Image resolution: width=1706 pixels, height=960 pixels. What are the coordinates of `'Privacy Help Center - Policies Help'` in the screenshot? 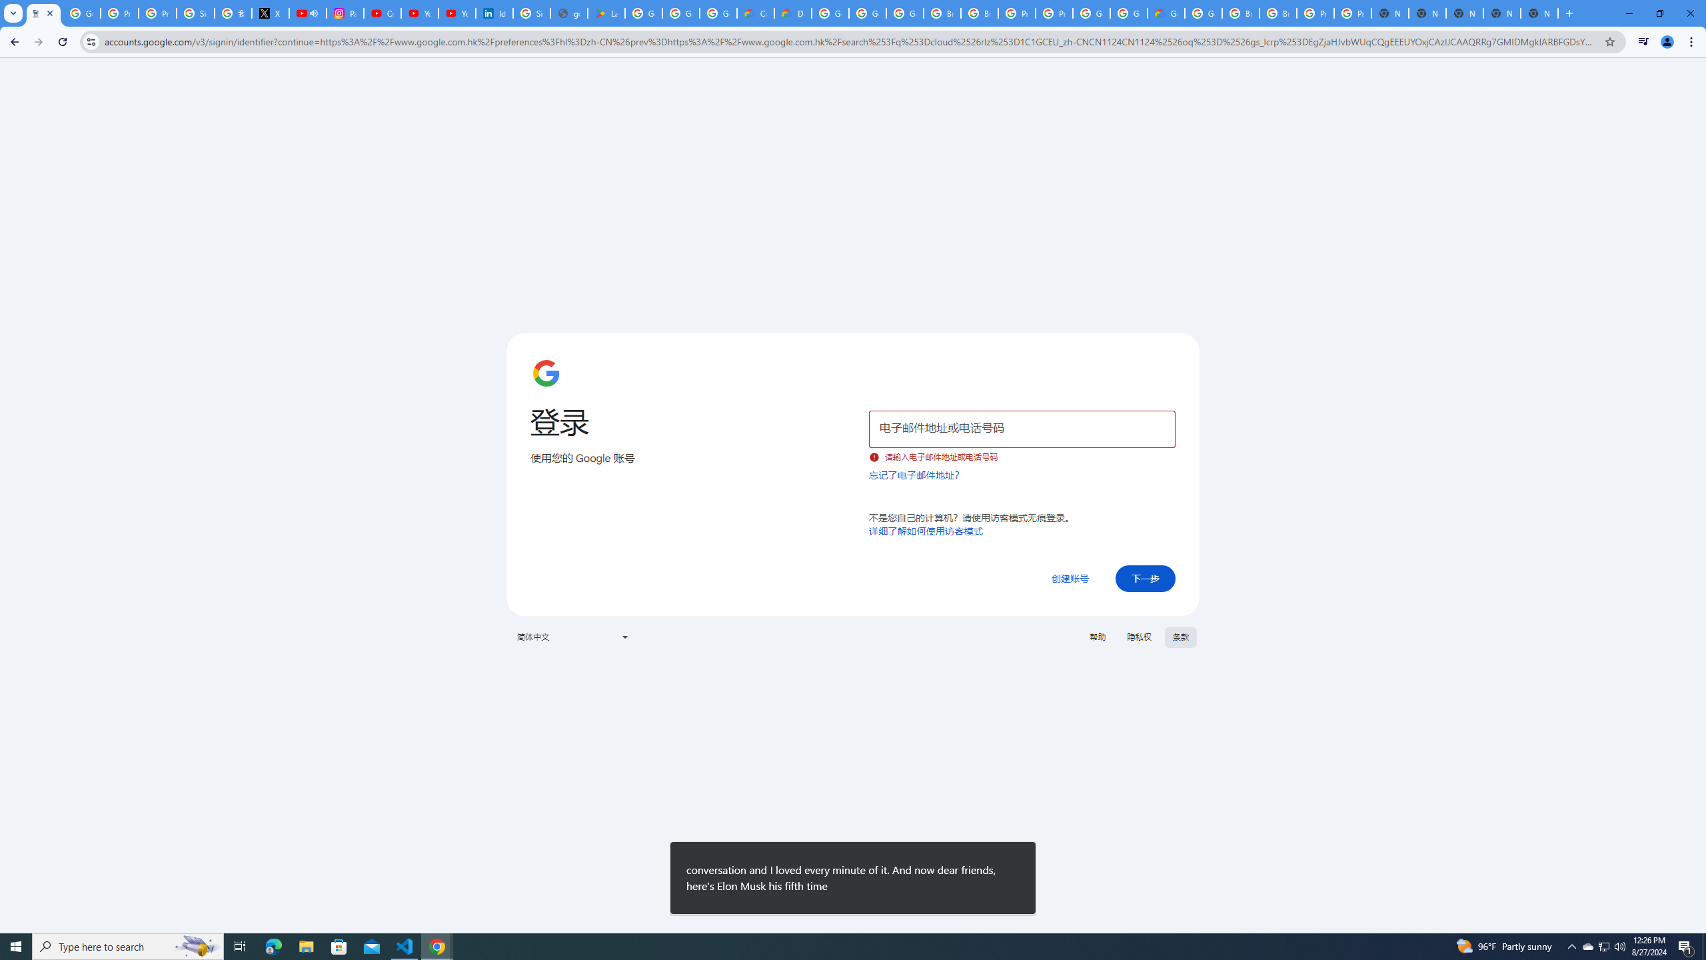 It's located at (119, 13).